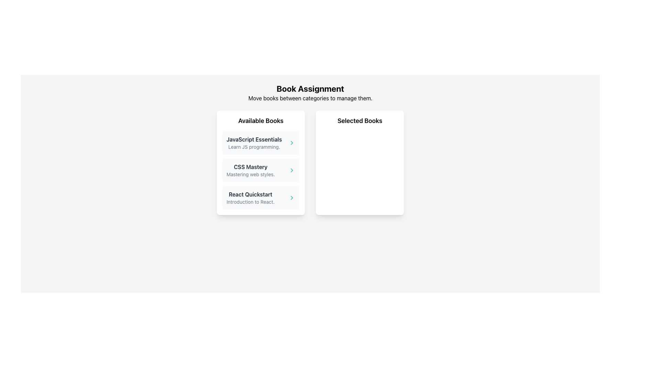  What do you see at coordinates (292, 170) in the screenshot?
I see `the button located at the rightmost end of the card containing the text 'CSS Mastery' to observe styling changes` at bounding box center [292, 170].